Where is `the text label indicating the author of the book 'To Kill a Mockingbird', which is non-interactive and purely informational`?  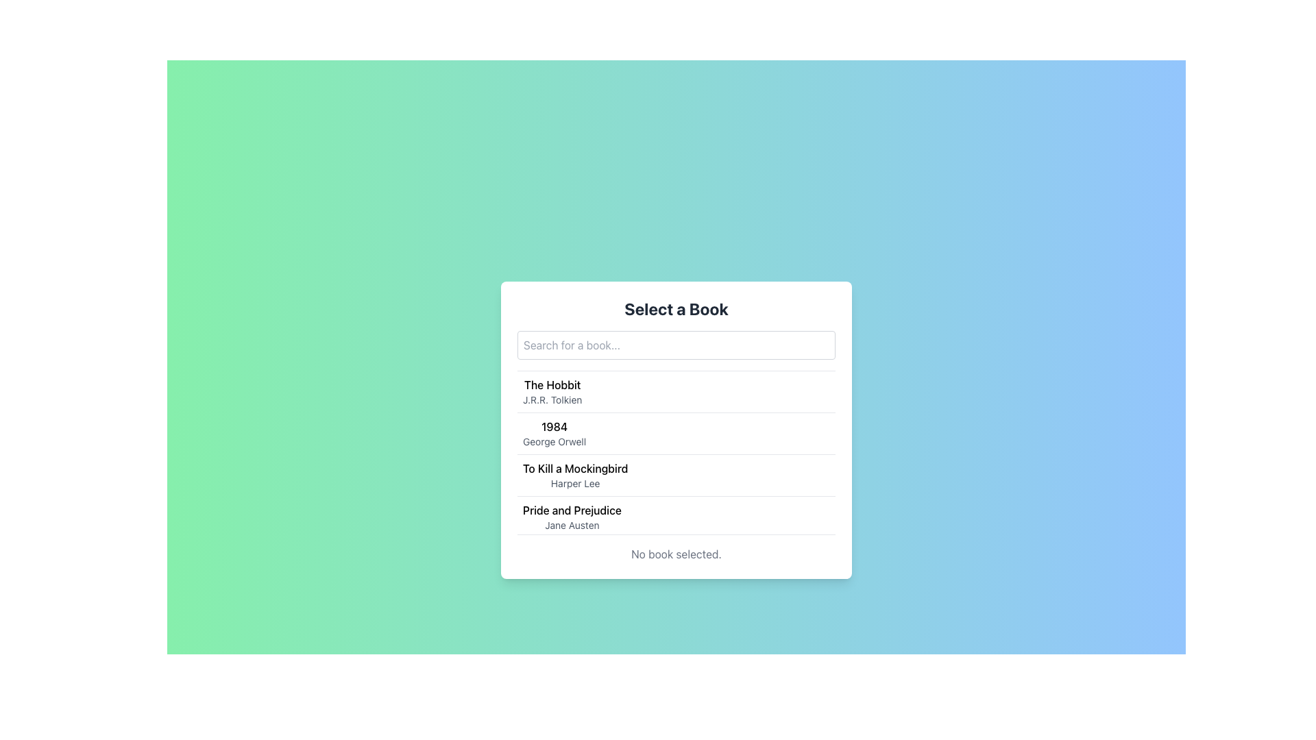 the text label indicating the author of the book 'To Kill a Mockingbird', which is non-interactive and purely informational is located at coordinates (575, 482).